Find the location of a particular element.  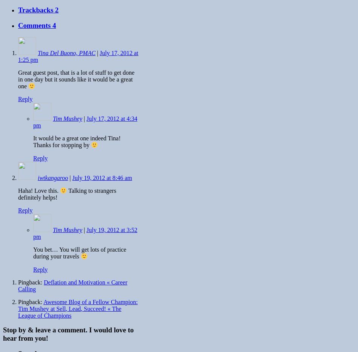

'July 19, 2012 at 8:46 am' is located at coordinates (72, 177).